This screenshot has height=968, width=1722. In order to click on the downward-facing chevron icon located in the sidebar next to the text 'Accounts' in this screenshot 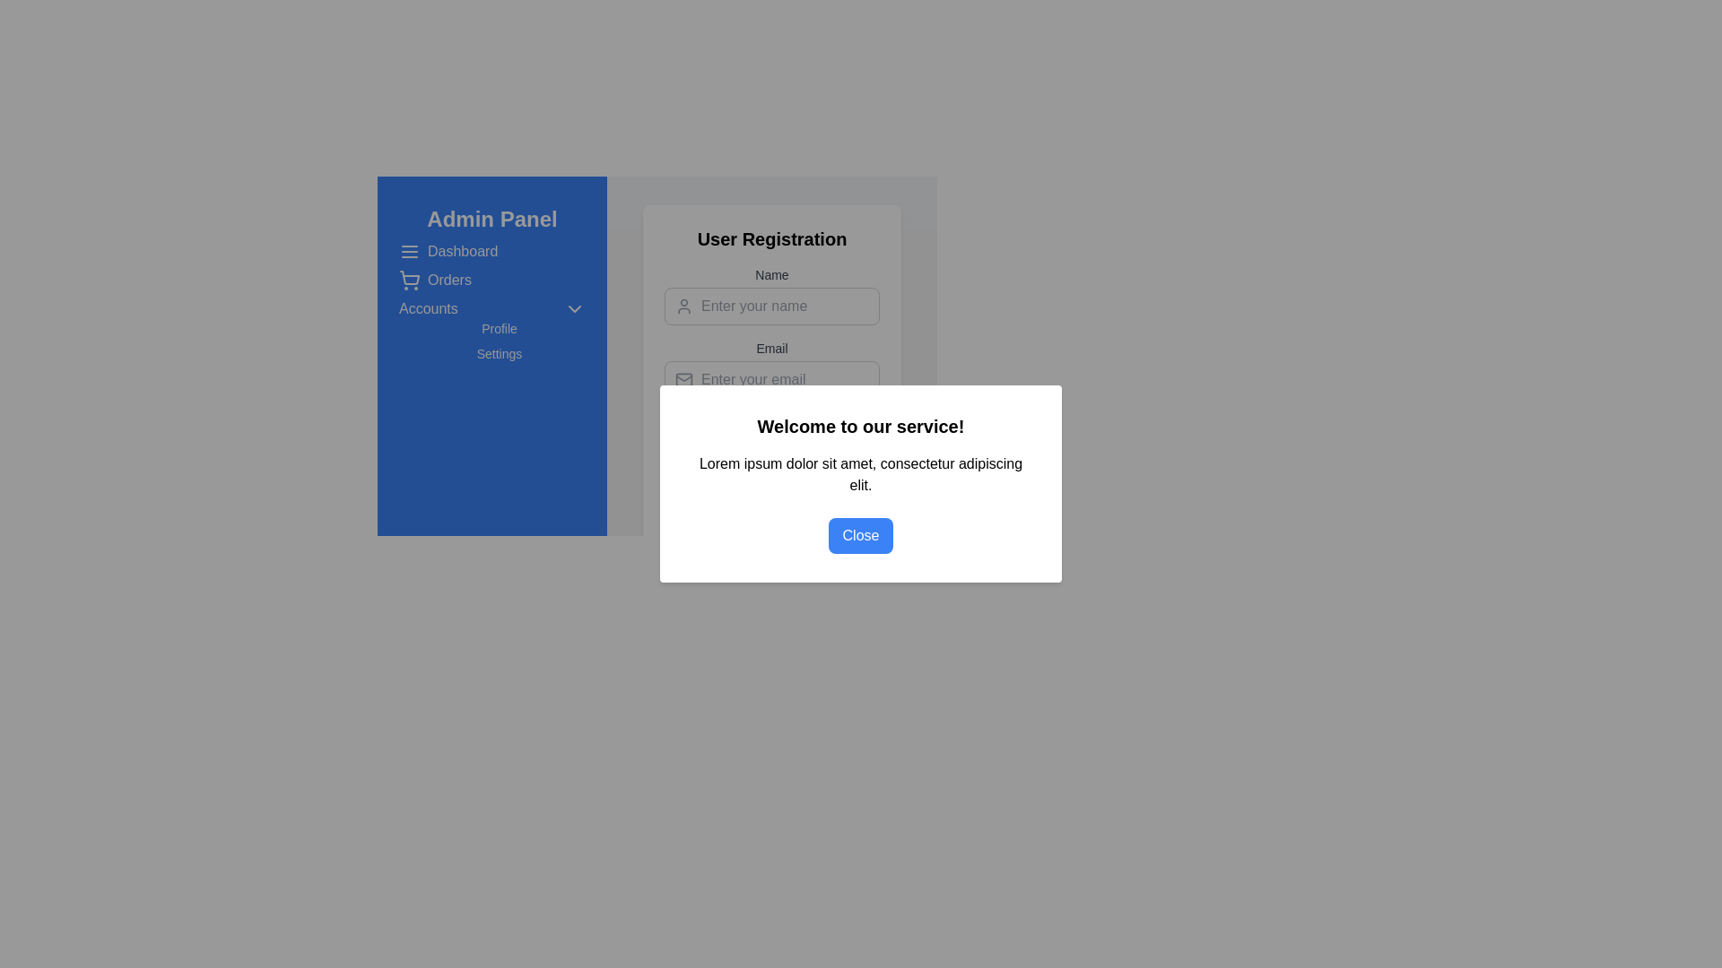, I will do `click(575, 307)`.